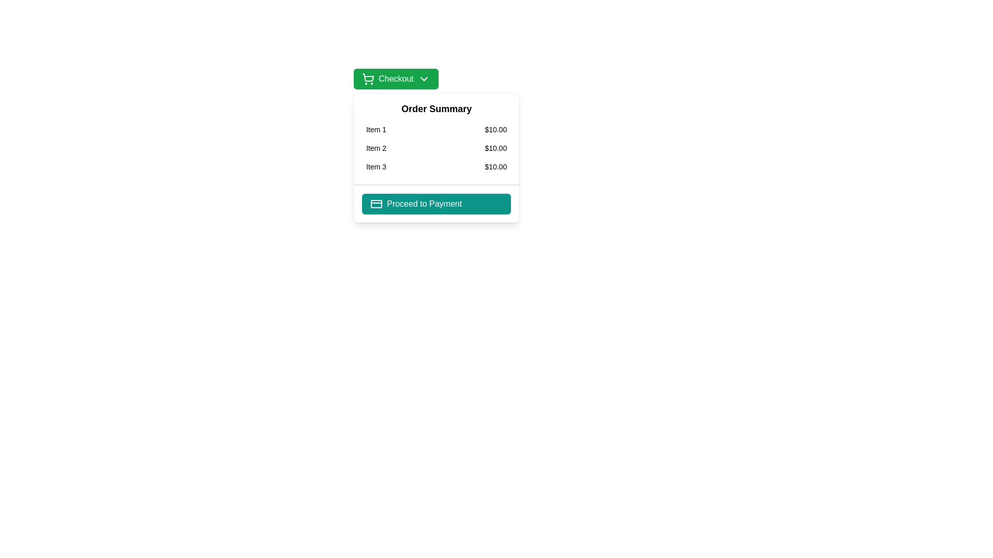  Describe the element at coordinates (437, 204) in the screenshot. I see `the 'Proceed to Payment' button, which has a teal background and a credit card icon, located at the bottom of the 'Order Summary' dialog` at that location.